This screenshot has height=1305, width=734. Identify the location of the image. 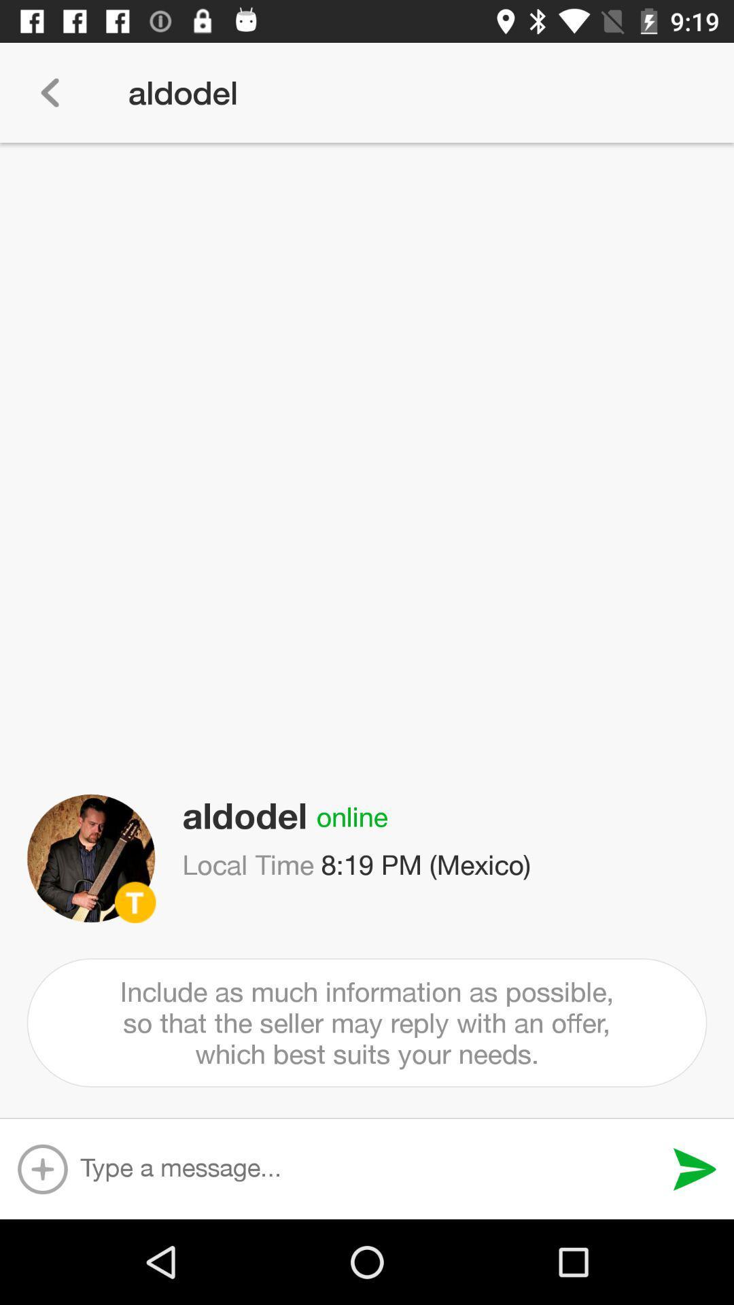
(91, 858).